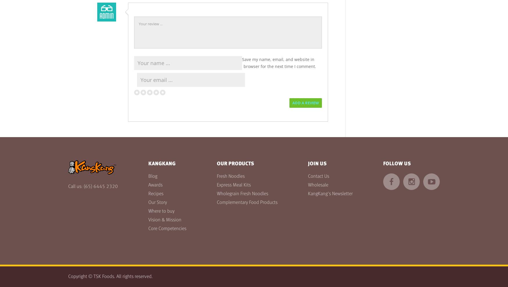 Image resolution: width=508 pixels, height=287 pixels. I want to click on '00:00', so click(10, 15).